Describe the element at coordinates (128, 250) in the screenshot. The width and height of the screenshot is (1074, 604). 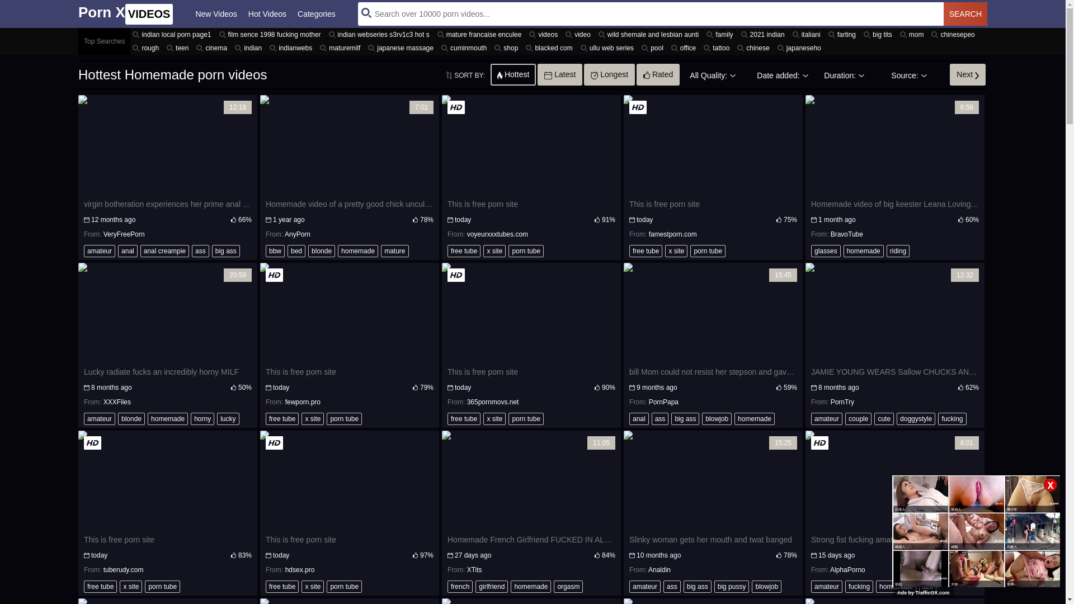
I see `'anal'` at that location.